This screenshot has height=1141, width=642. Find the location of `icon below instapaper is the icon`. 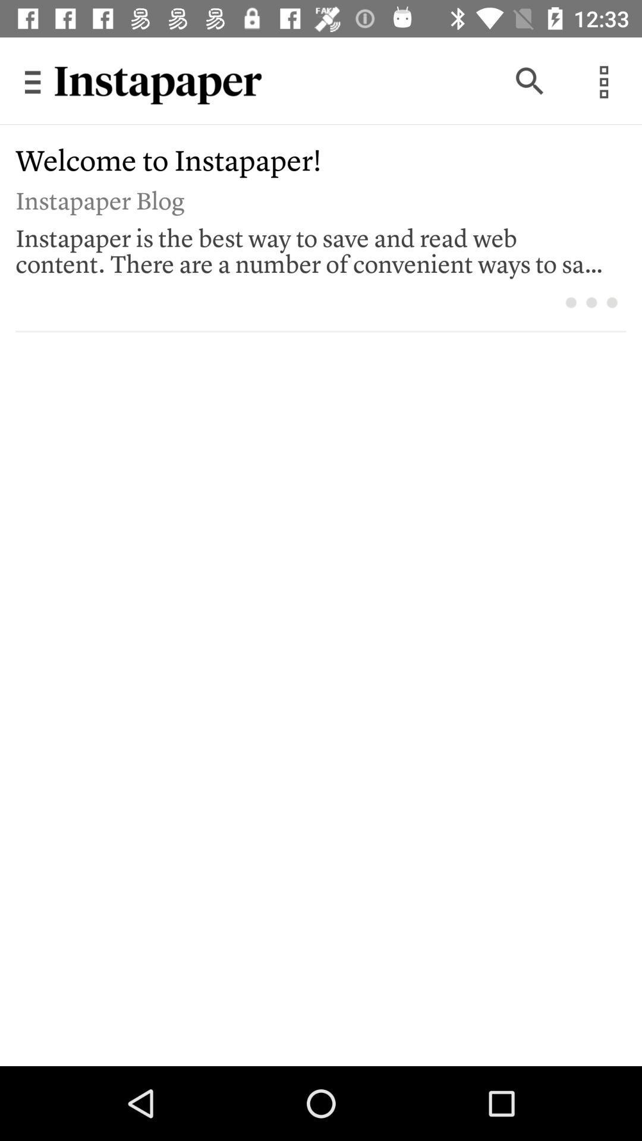

icon below instapaper is the icon is located at coordinates (591, 302).